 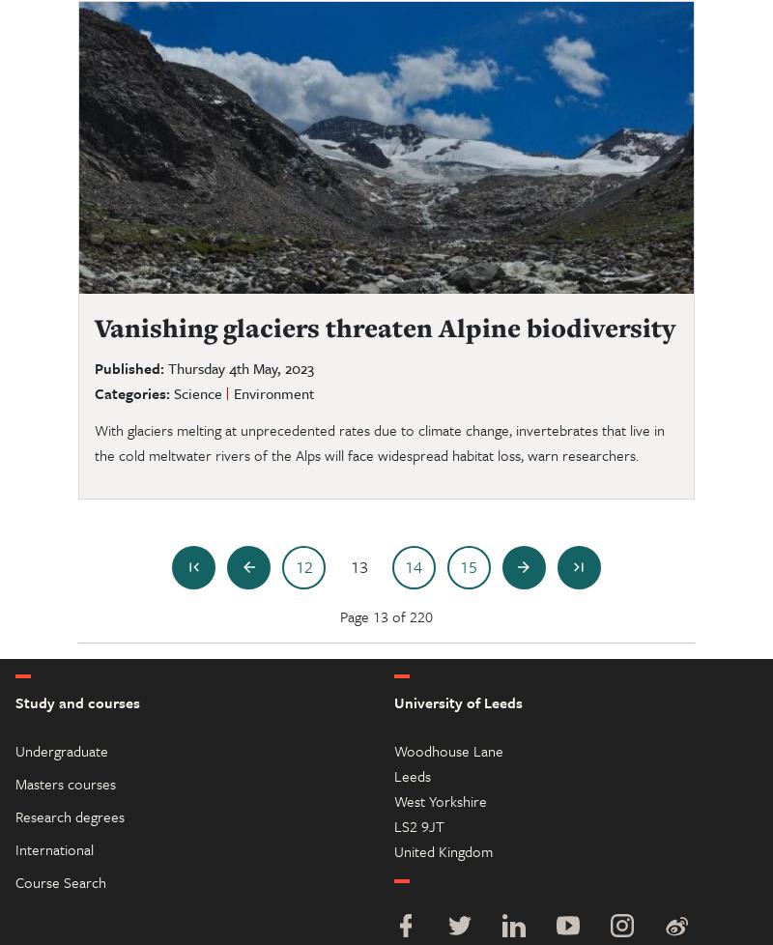 I want to click on 'Masters courses', so click(x=15, y=781).